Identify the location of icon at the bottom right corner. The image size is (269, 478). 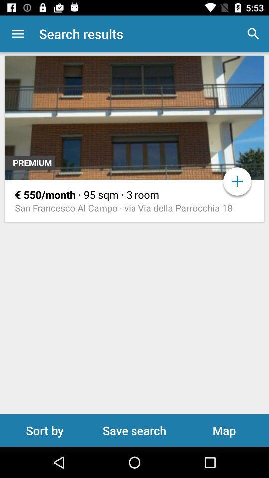
(224, 430).